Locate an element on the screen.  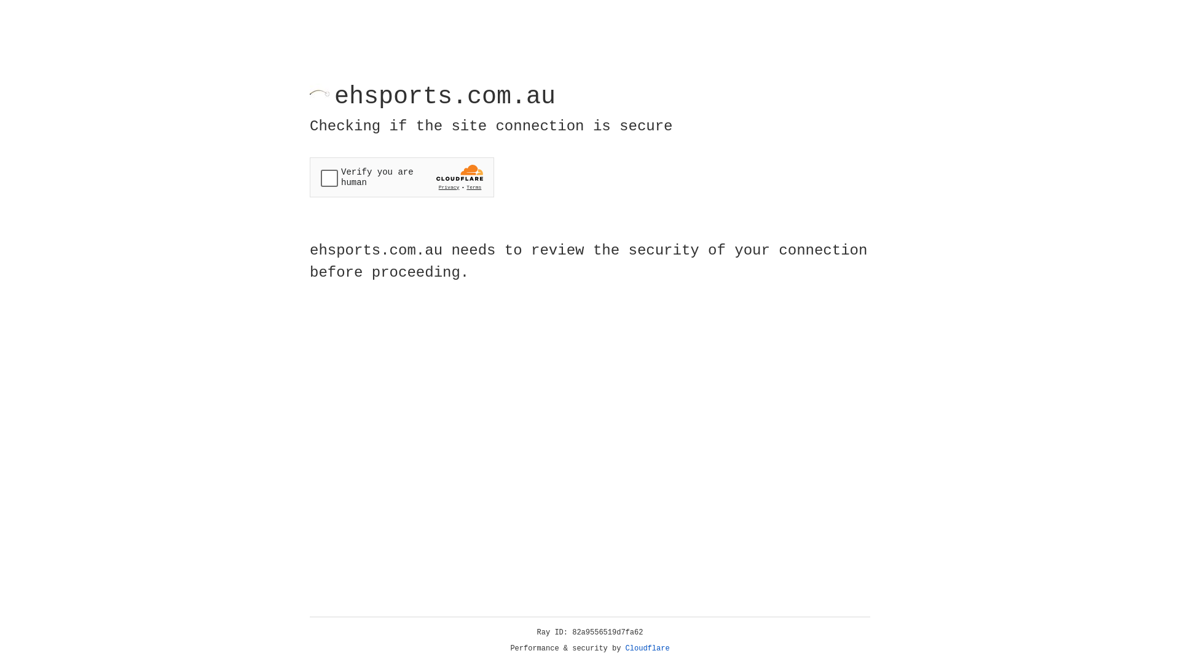
'Widget containing a Cloudflare security challenge' is located at coordinates (401, 177).